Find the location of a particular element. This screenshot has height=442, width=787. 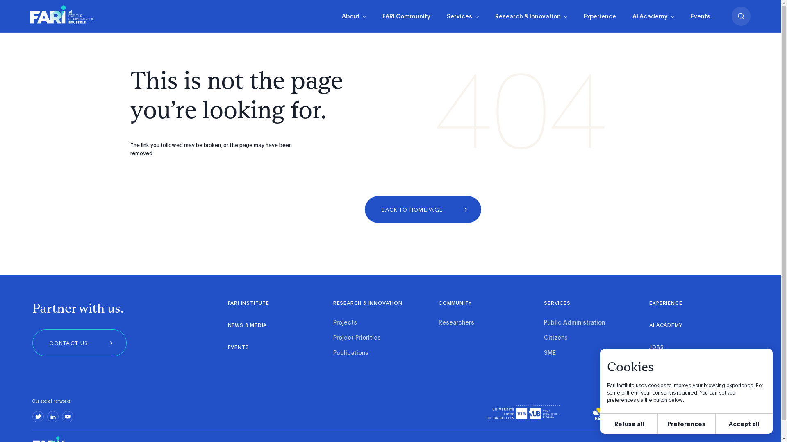

'Project Priorities' is located at coordinates (357, 338).